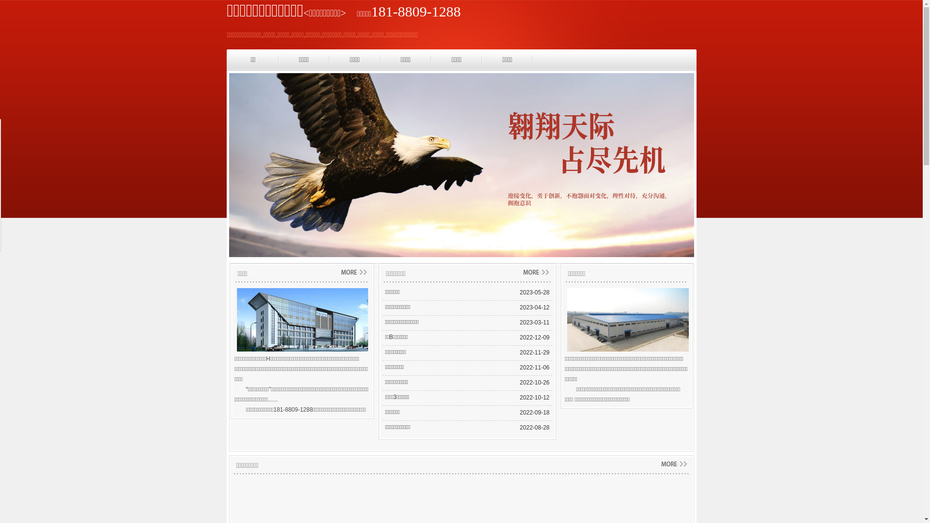 The height and width of the screenshot is (523, 930). I want to click on '2023-04-12', so click(534, 308).